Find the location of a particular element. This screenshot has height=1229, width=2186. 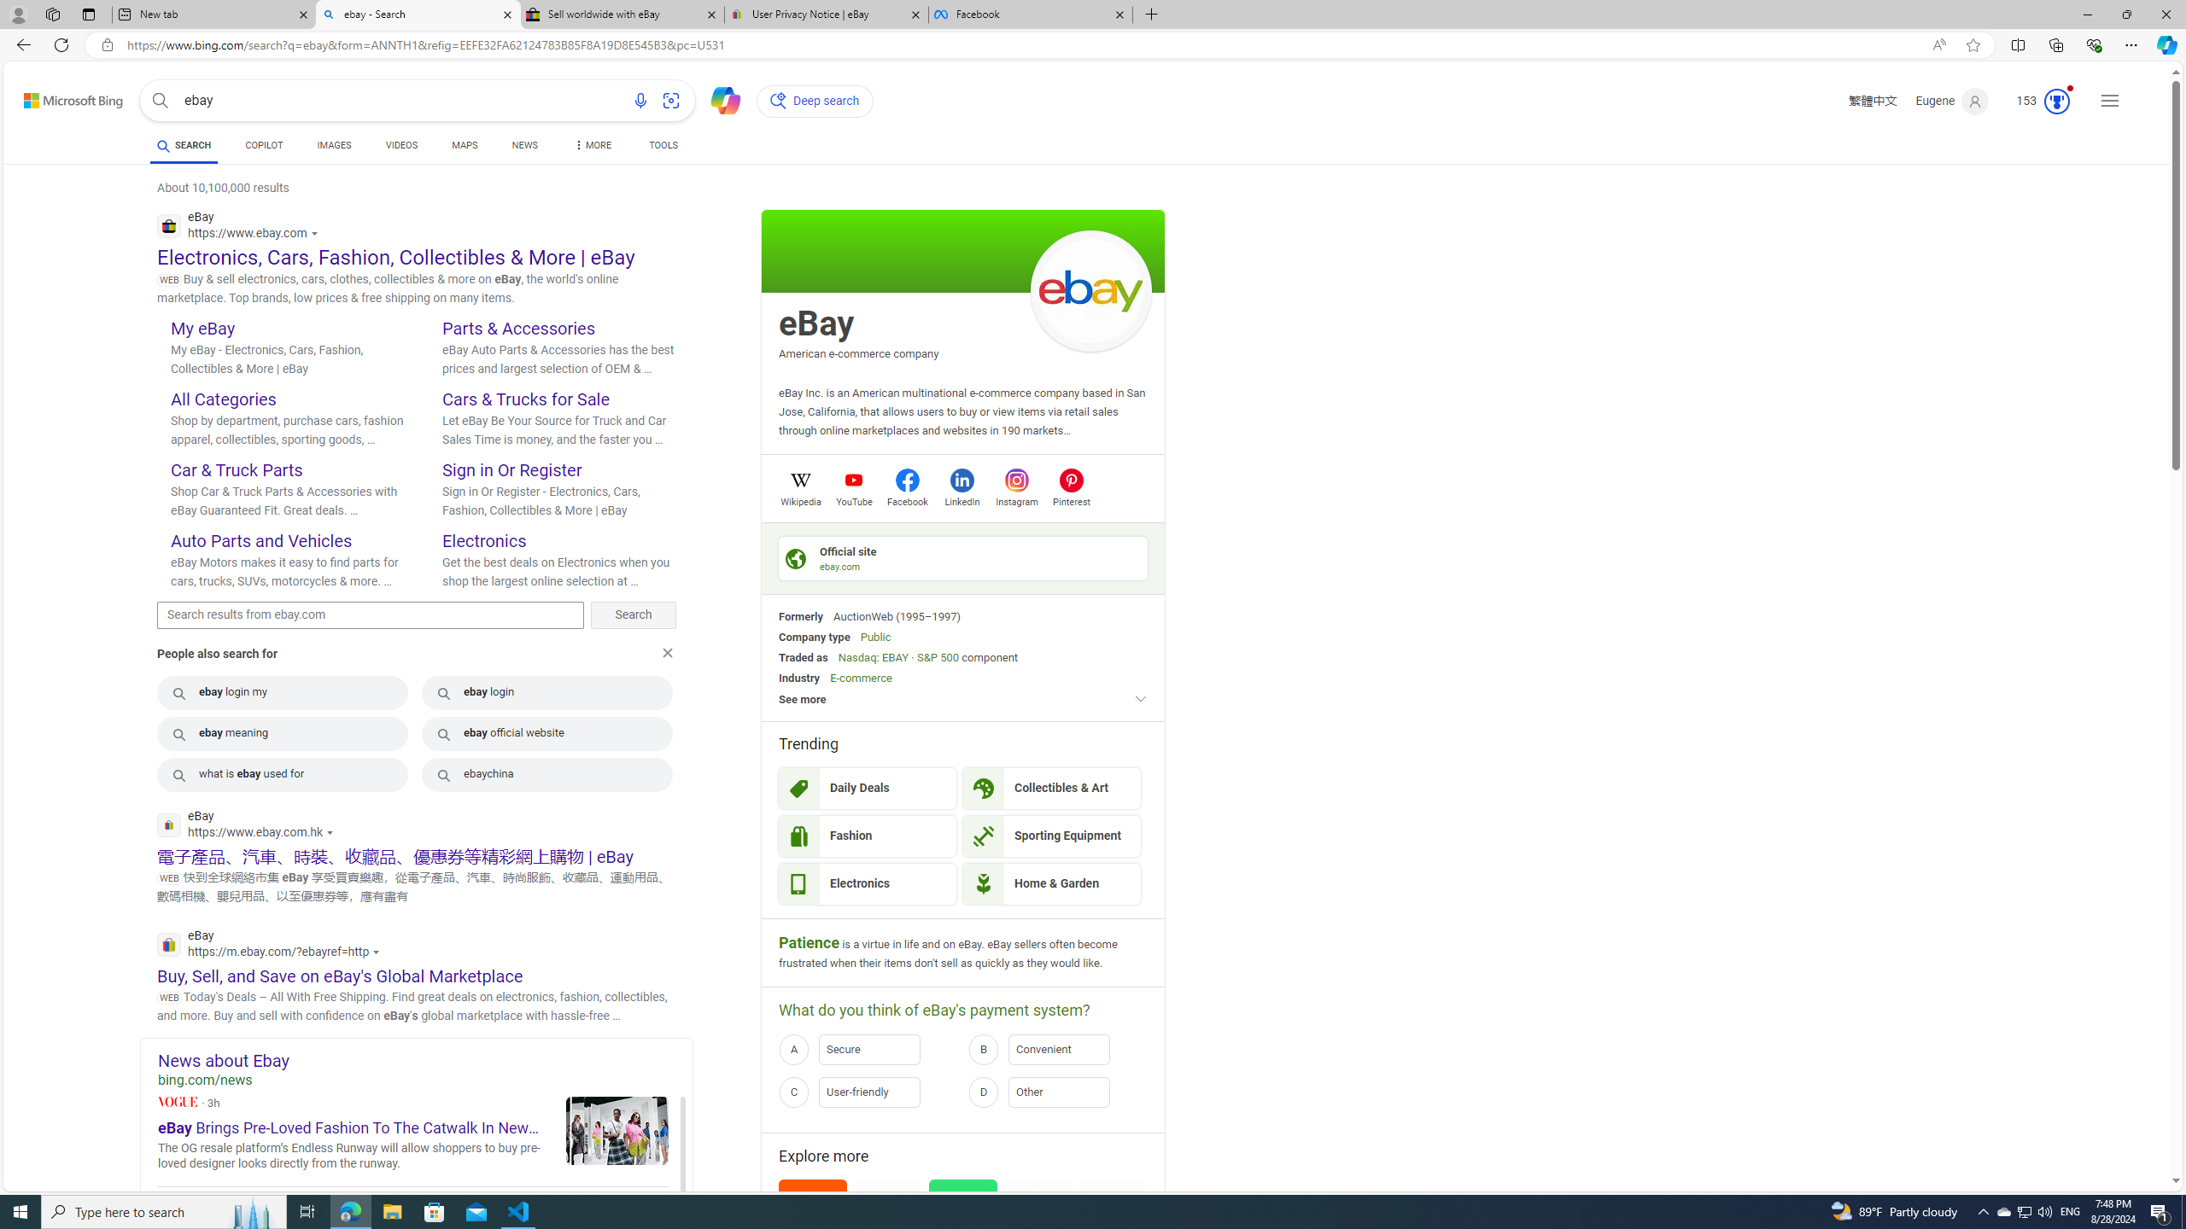

'D Other' is located at coordinates (1058, 1092).